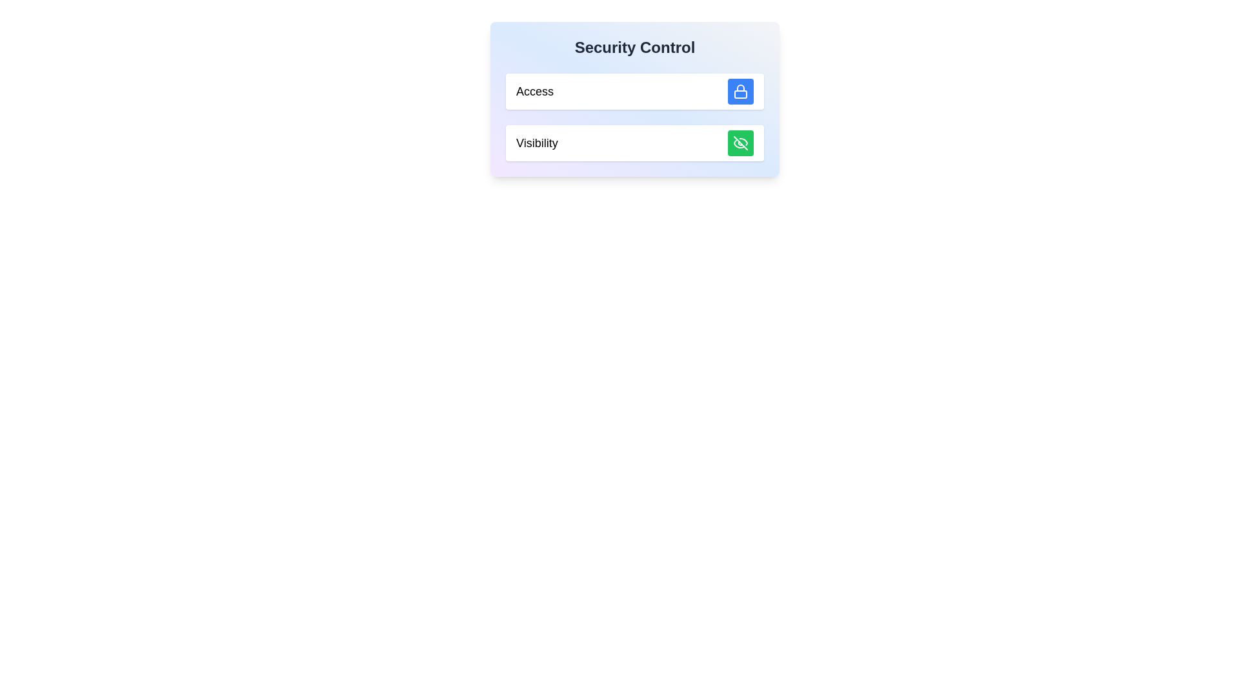 The image size is (1239, 697). Describe the element at coordinates (740, 94) in the screenshot. I see `the SVG rectangle with rounded corners located inside the blue lock icon in the 'Access' row of the Security Control panel` at that location.